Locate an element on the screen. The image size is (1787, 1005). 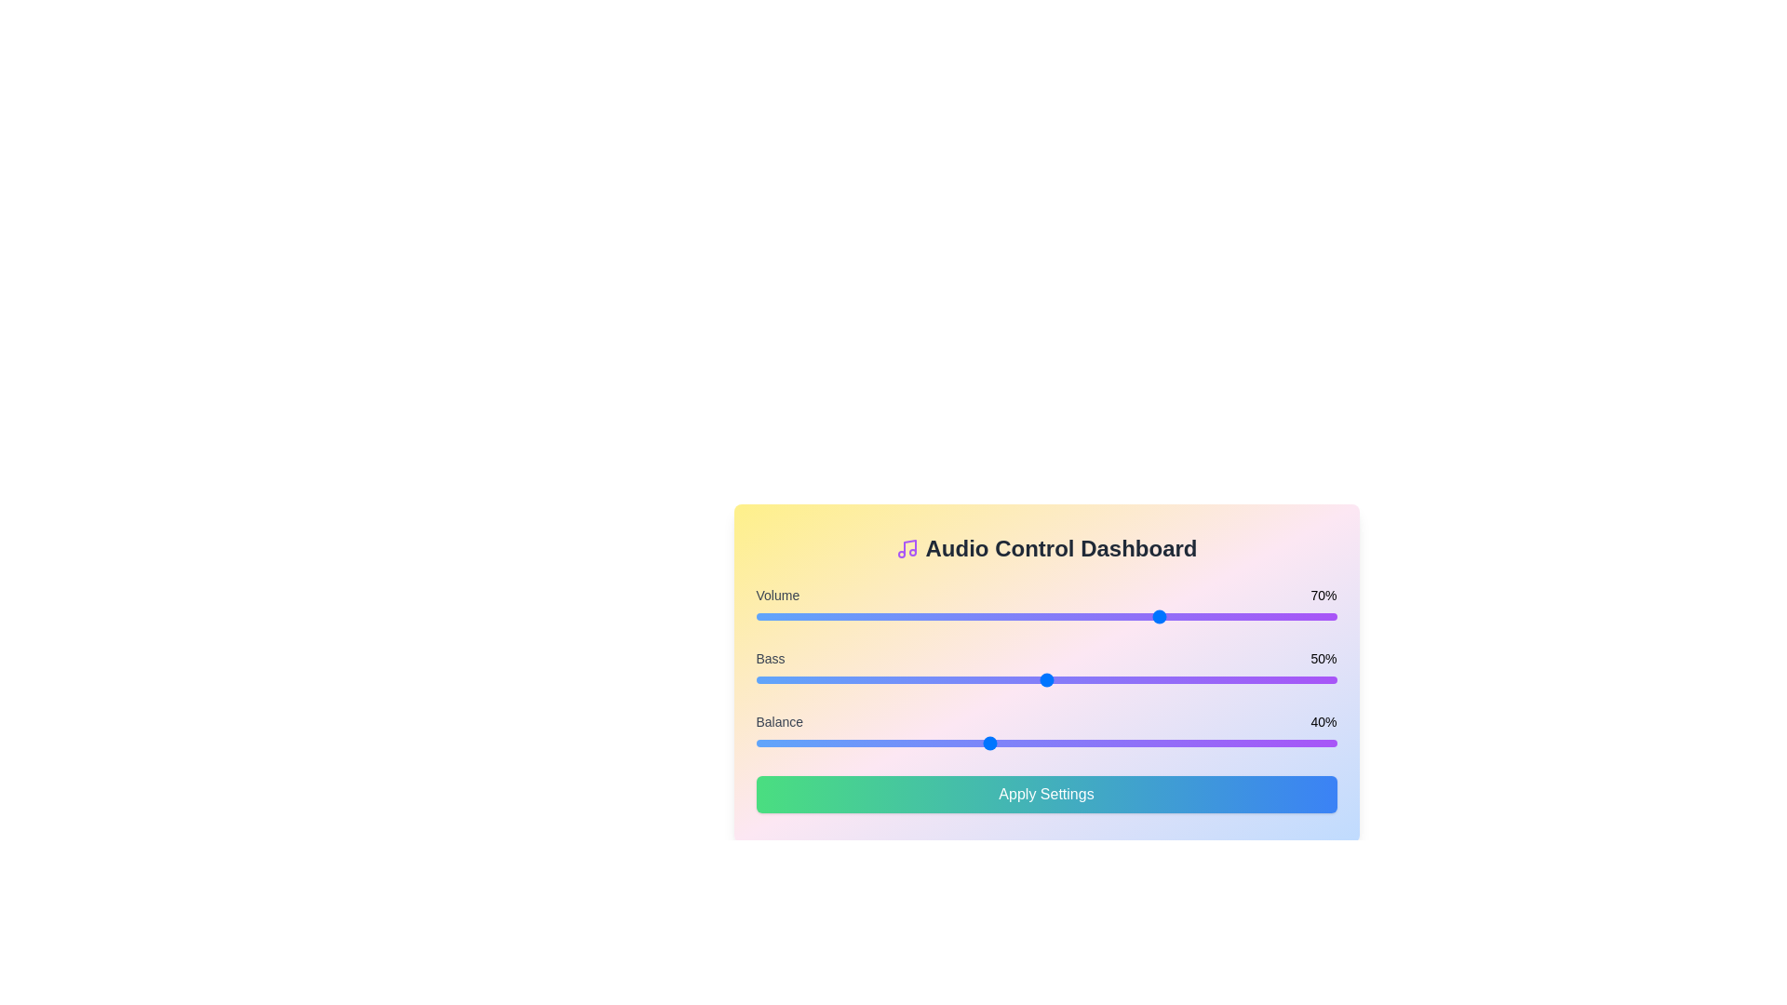
bass is located at coordinates (1162, 680).